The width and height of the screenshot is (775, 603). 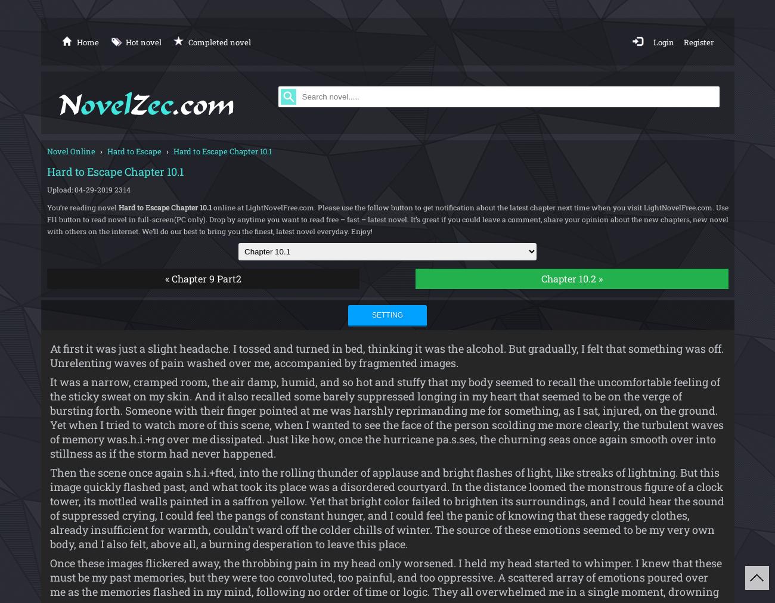 I want to click on 'Hard to Escape', so click(x=133, y=151).